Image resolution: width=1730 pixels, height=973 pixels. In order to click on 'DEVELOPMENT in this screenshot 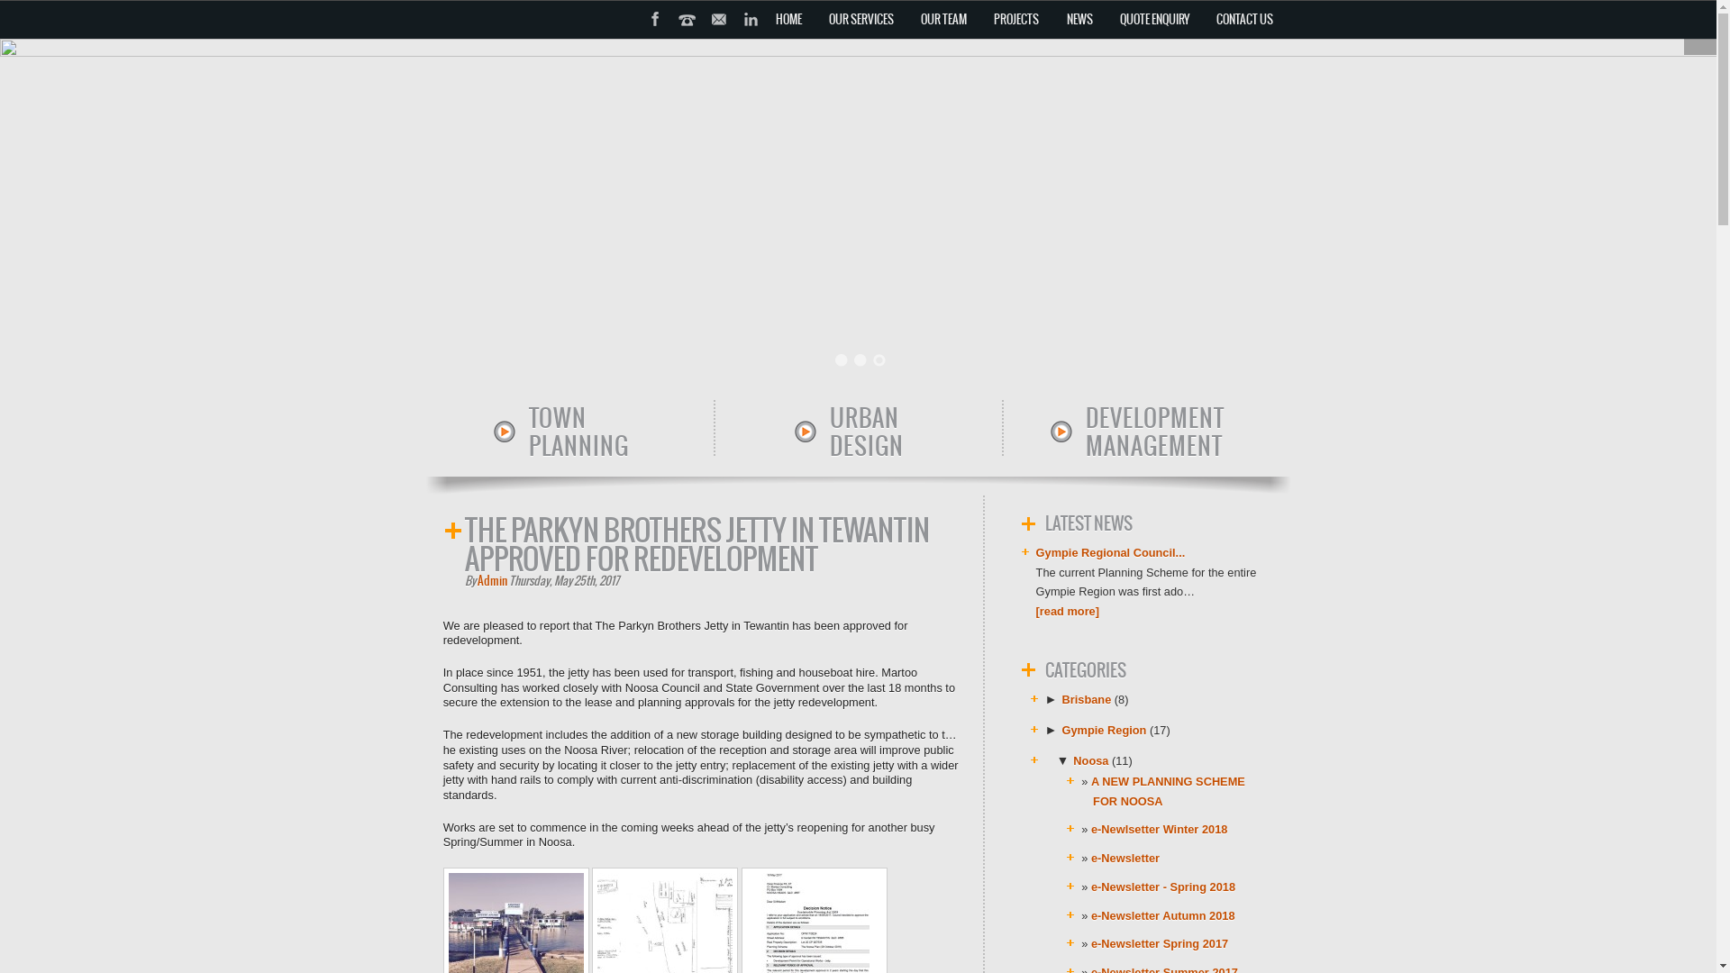, I will do `click(1048, 432)`.